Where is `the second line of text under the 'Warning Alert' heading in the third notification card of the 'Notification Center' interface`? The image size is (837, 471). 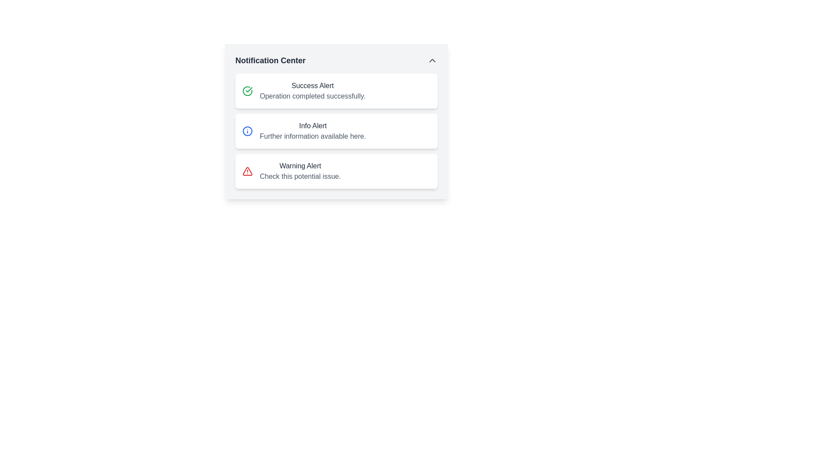
the second line of text under the 'Warning Alert' heading in the third notification card of the 'Notification Center' interface is located at coordinates (300, 177).